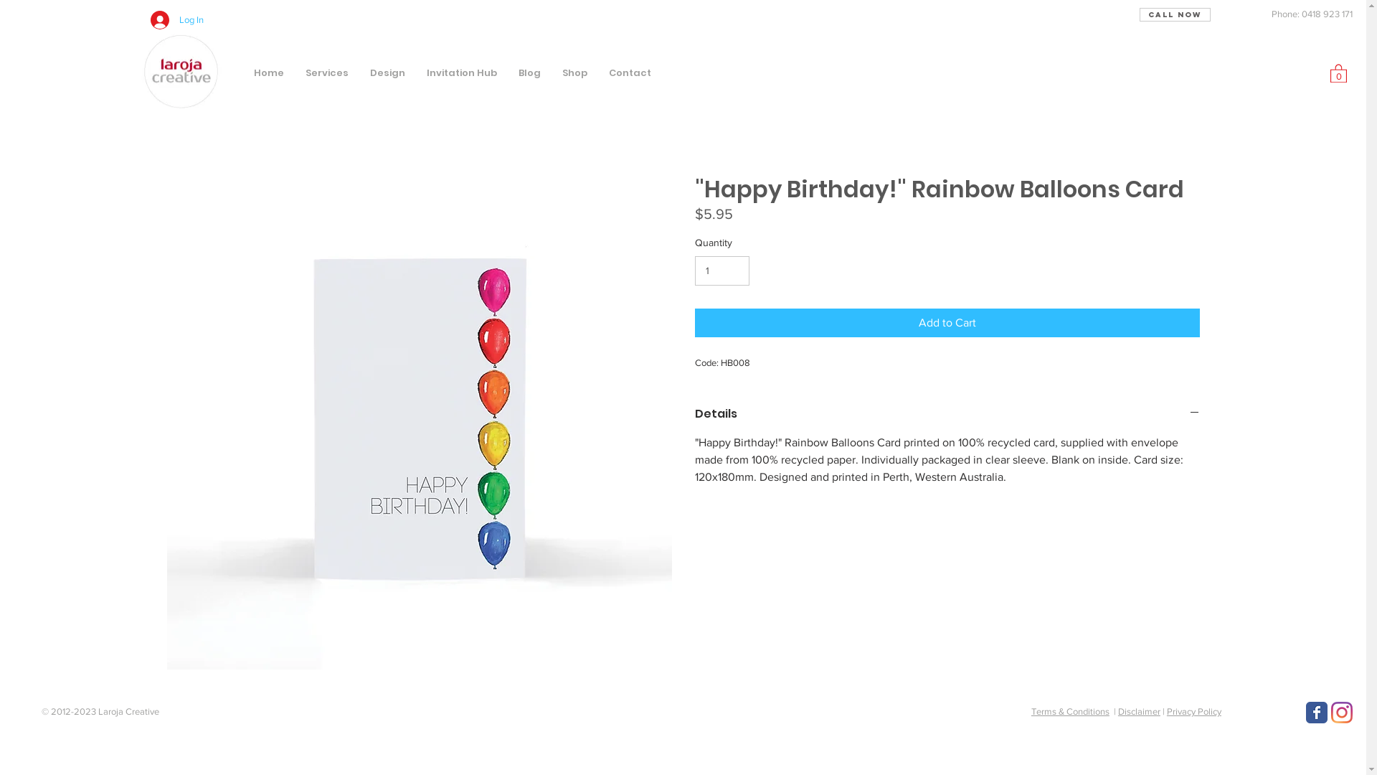 This screenshot has height=775, width=1377. Describe the element at coordinates (1070, 711) in the screenshot. I see `'Terms & Conditions'` at that location.